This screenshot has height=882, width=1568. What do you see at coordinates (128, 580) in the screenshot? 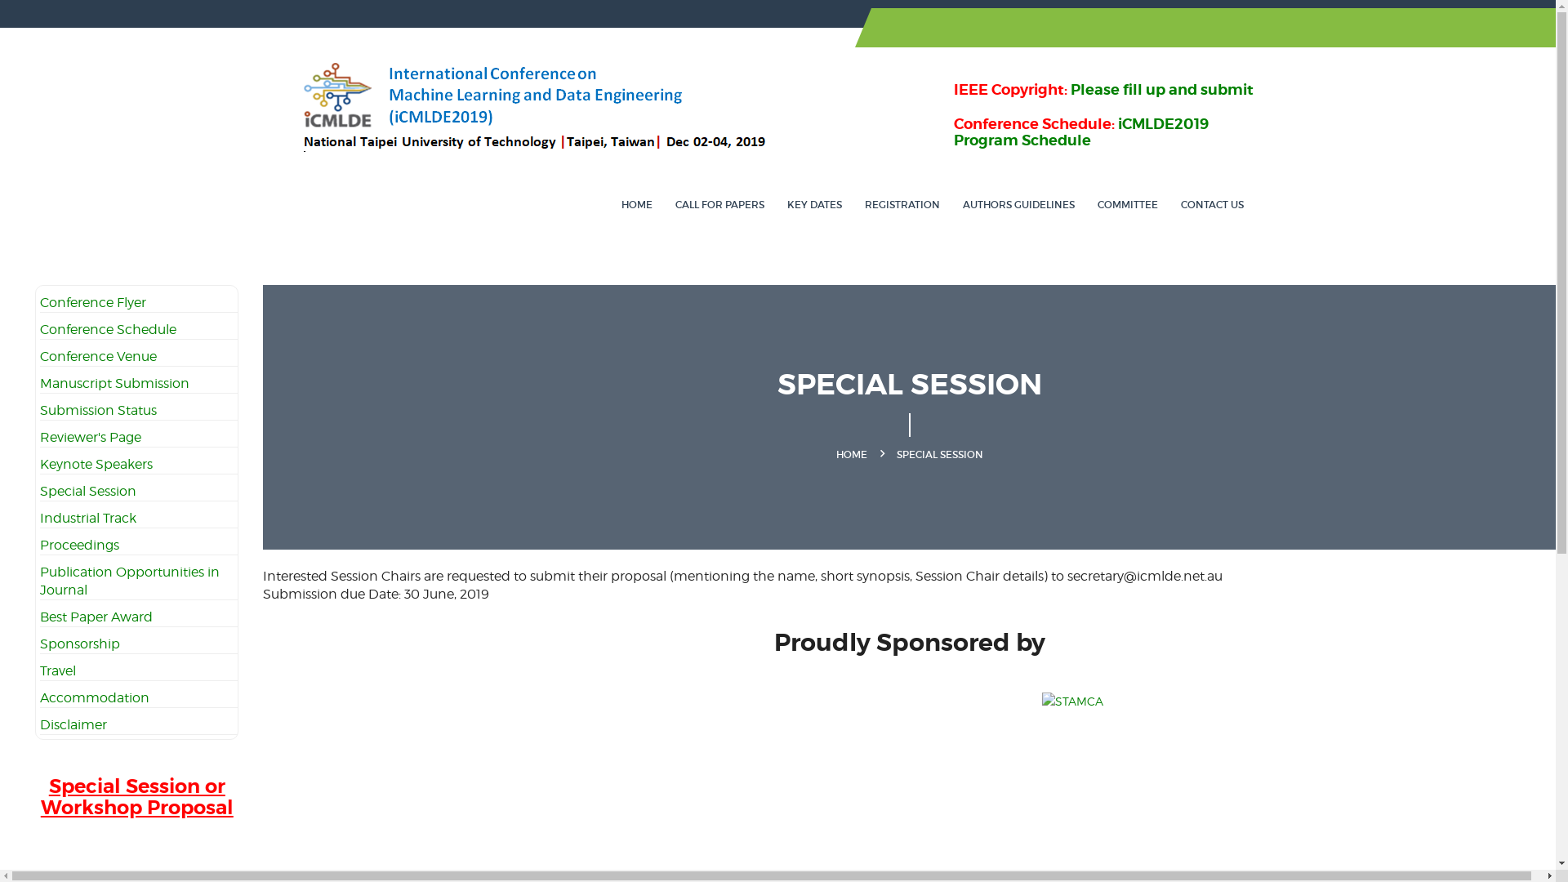
I see `'Publication Opportunities in Journal'` at bounding box center [128, 580].